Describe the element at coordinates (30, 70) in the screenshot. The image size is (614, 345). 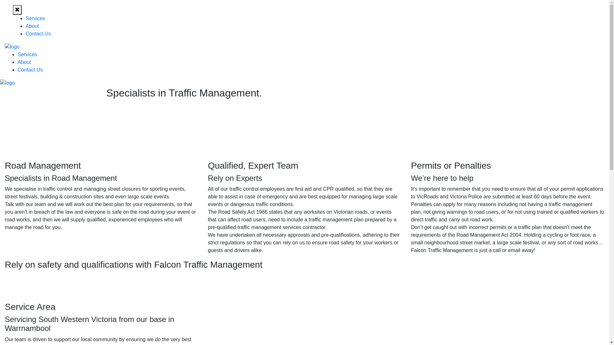
I see `'Contact Us'` at that location.